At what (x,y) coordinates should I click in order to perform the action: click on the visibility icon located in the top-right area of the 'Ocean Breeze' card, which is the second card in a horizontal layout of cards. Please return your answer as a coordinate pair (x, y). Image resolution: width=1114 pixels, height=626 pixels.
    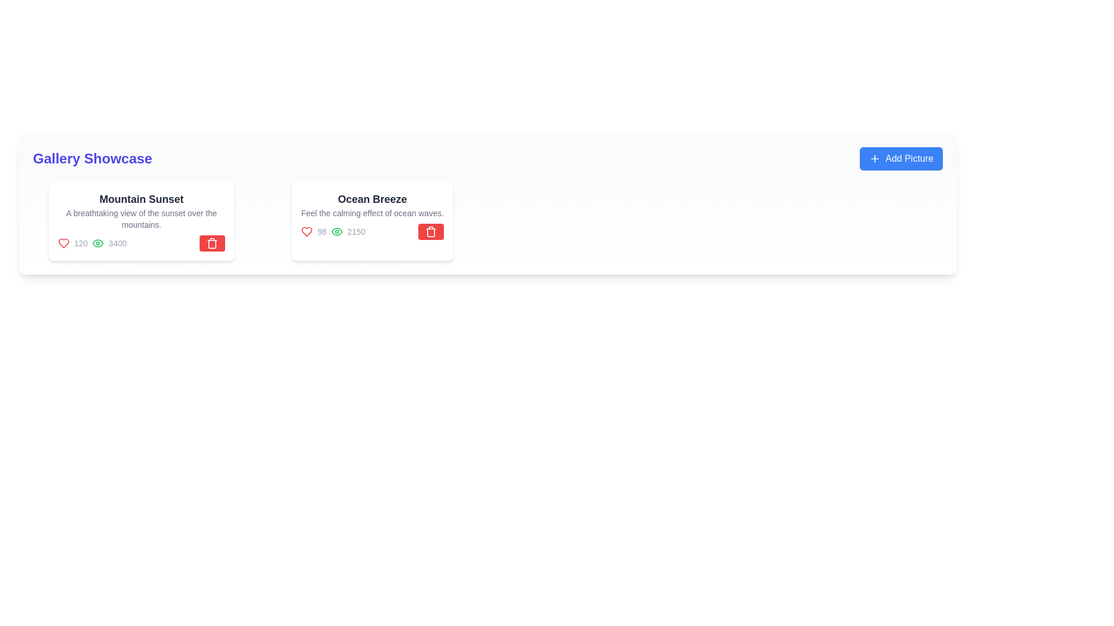
    Looking at the image, I should click on (336, 232).